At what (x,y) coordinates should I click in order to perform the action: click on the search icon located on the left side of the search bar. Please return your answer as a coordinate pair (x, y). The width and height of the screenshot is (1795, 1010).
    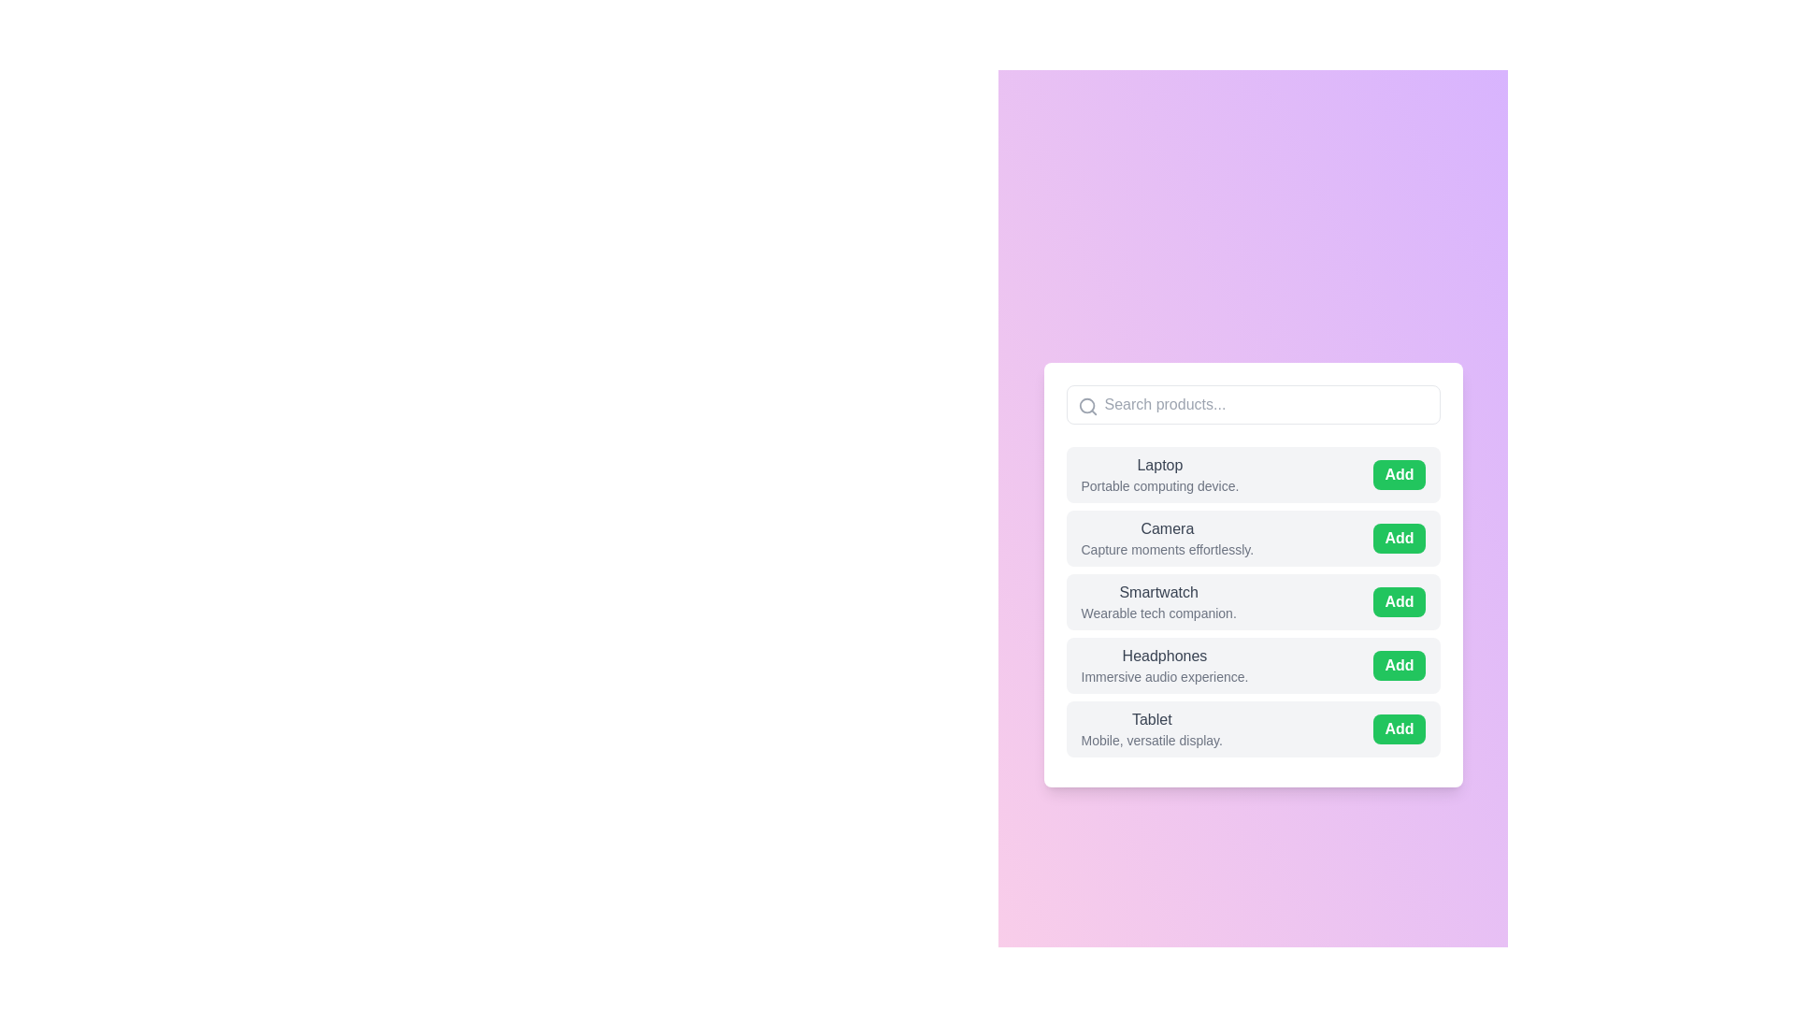
    Looking at the image, I should click on (1087, 406).